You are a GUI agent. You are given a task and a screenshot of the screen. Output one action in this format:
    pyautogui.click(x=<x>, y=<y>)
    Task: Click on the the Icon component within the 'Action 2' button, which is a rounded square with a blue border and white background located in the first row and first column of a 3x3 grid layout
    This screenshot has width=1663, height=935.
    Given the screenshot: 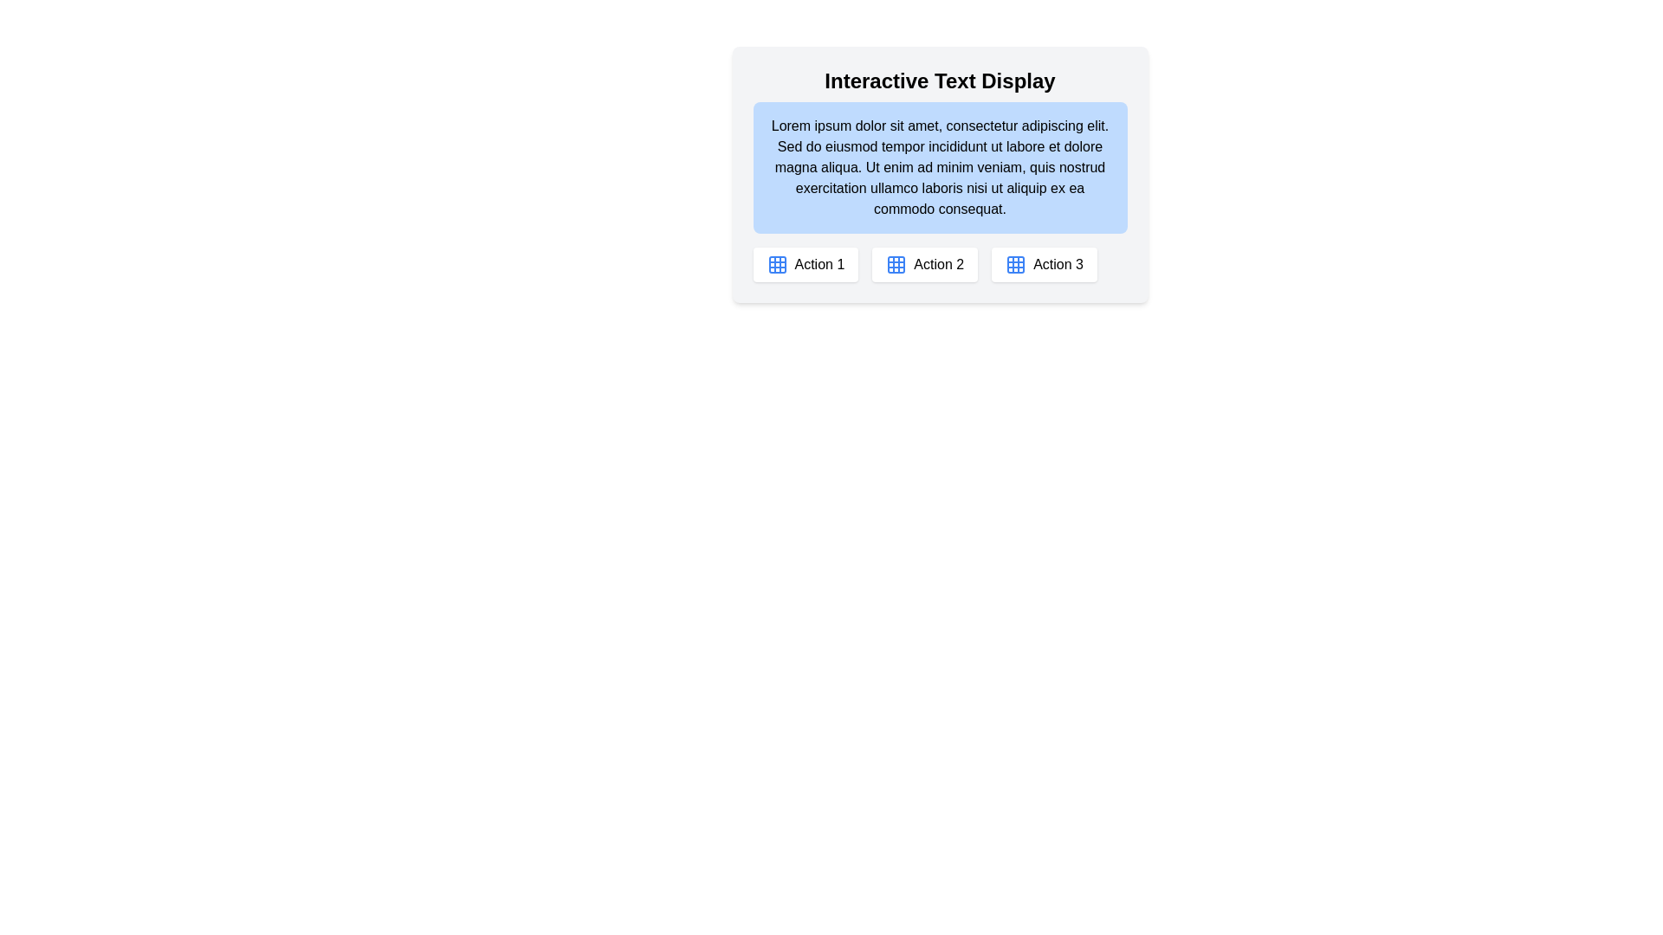 What is the action you would take?
    pyautogui.click(x=896, y=264)
    